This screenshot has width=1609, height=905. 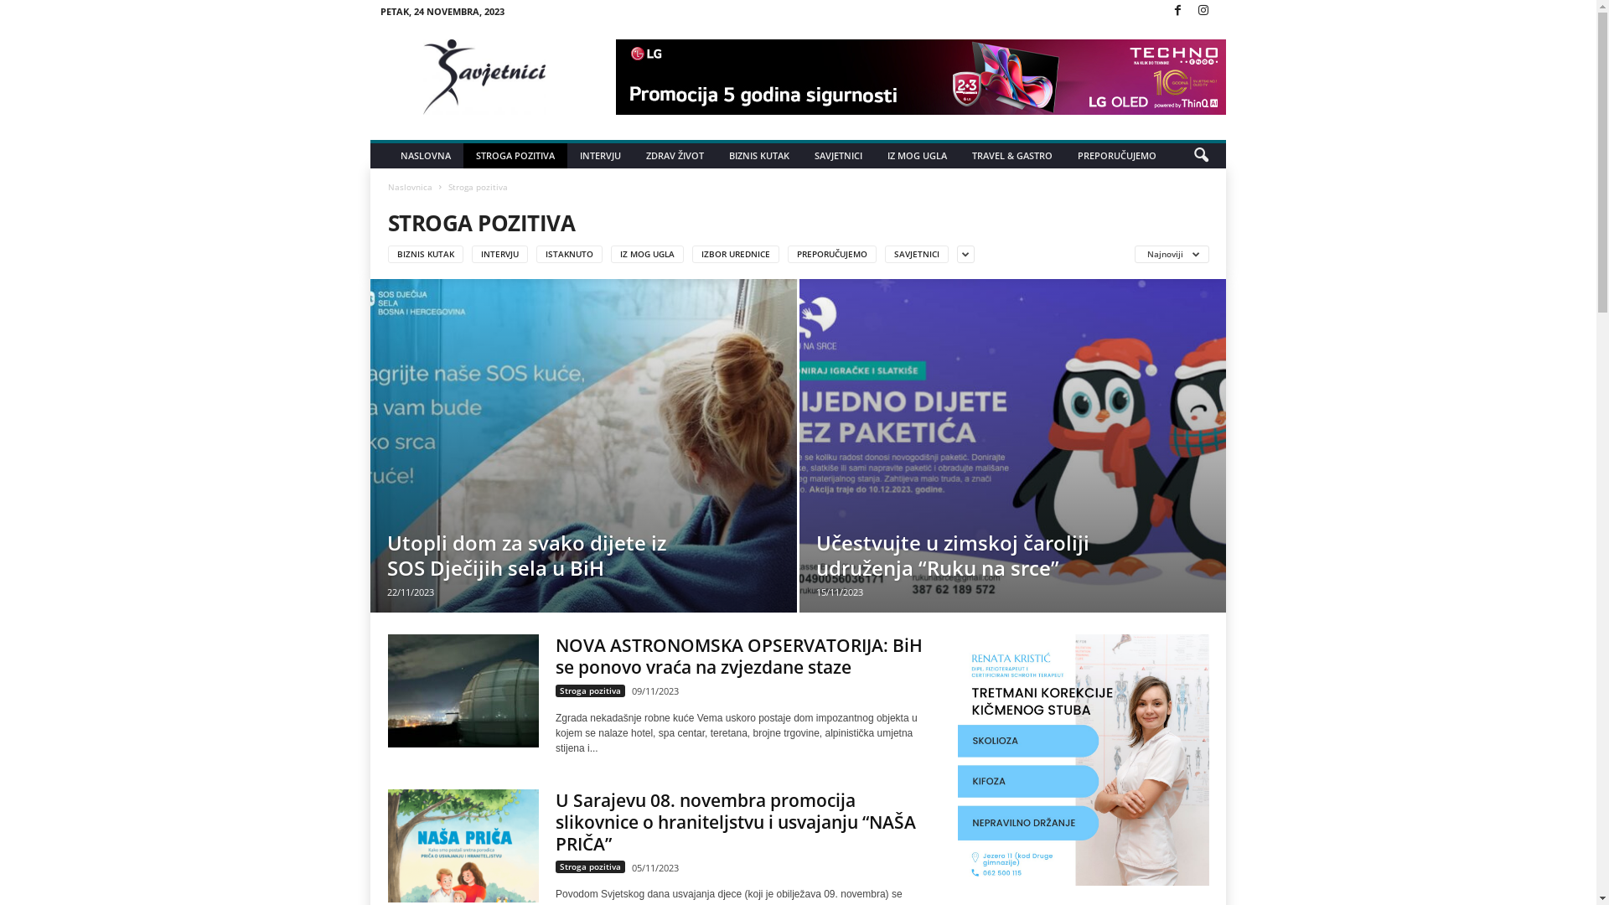 What do you see at coordinates (514, 155) in the screenshot?
I see `'STROGA POZITIVA'` at bounding box center [514, 155].